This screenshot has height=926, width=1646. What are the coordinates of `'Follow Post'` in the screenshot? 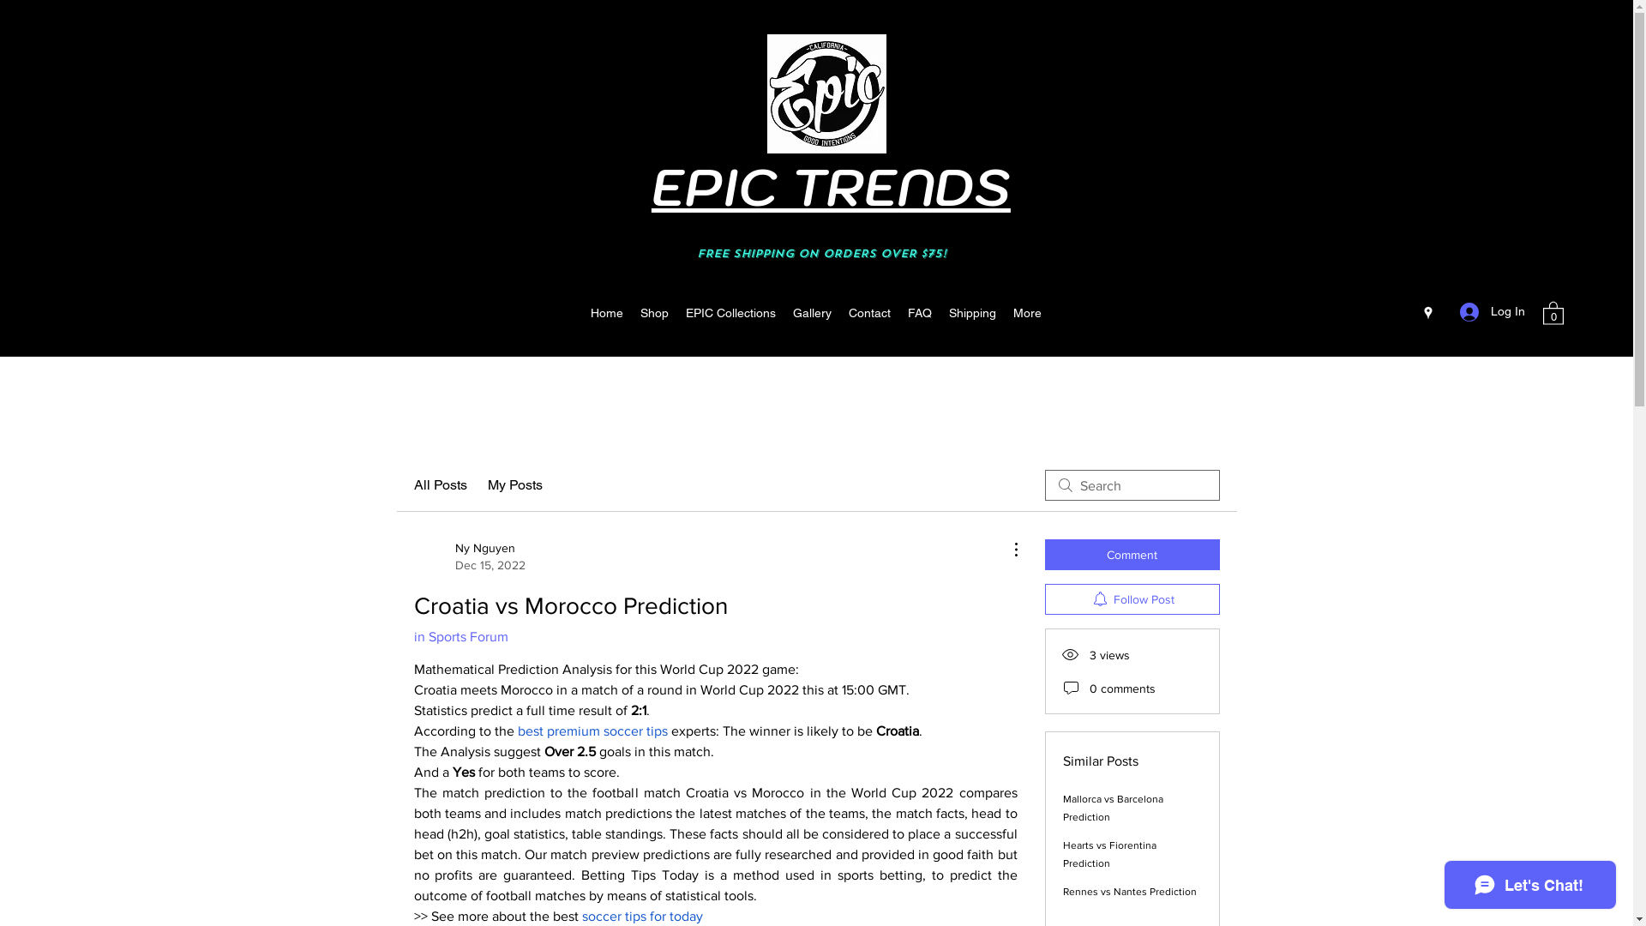 It's located at (1132, 598).